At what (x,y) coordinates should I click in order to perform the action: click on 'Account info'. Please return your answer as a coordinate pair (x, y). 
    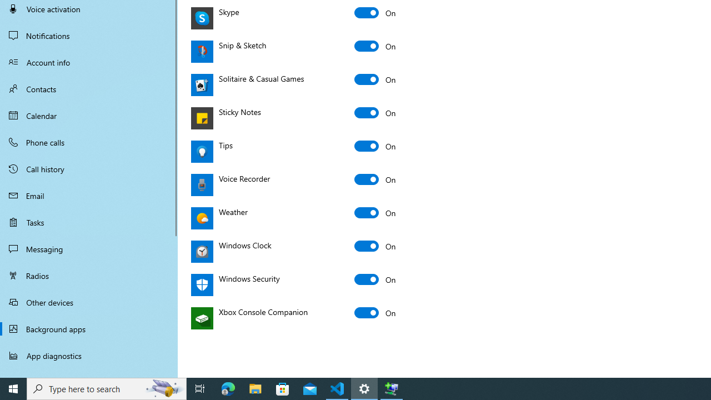
    Looking at the image, I should click on (89, 62).